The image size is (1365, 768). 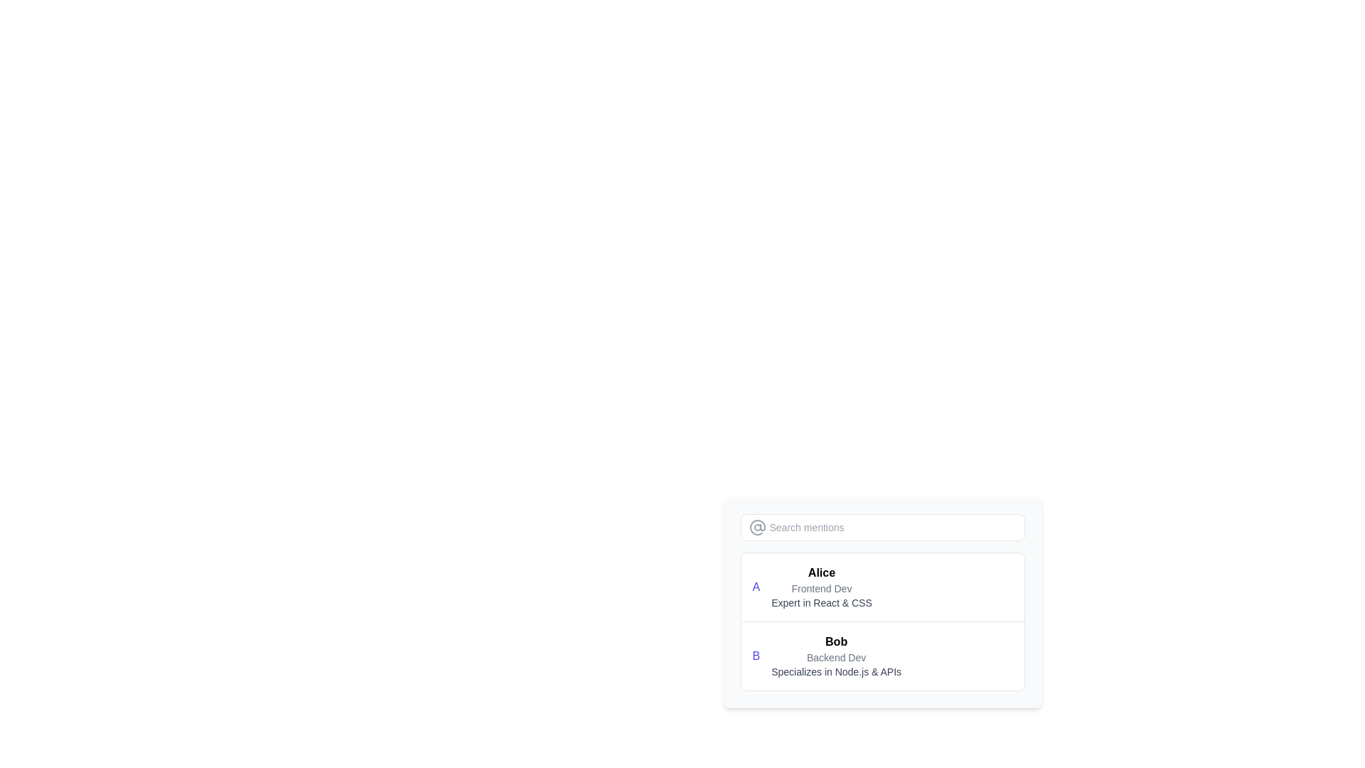 What do you see at coordinates (822, 603) in the screenshot?
I see `the text label displaying 'Expert in React & CSS', which is positioned below the title 'Frontend Dev' in the user information box for the user 'Alice'` at bounding box center [822, 603].